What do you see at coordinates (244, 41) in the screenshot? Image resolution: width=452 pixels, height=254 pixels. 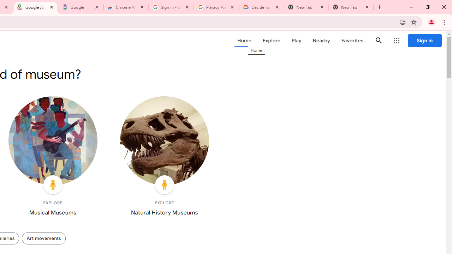 I see `'Home'` at bounding box center [244, 41].